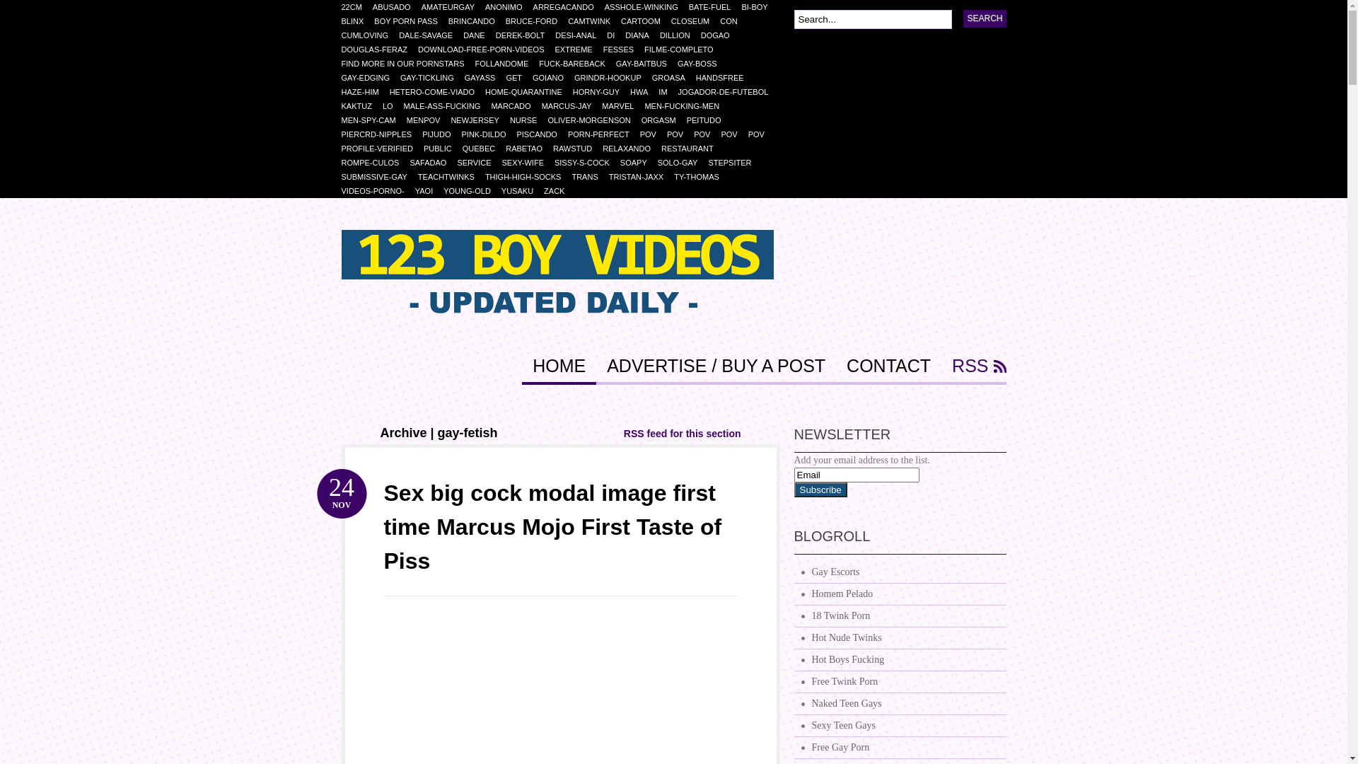 Image resolution: width=1358 pixels, height=764 pixels. What do you see at coordinates (899, 594) in the screenshot?
I see `'Homem Pelado'` at bounding box center [899, 594].